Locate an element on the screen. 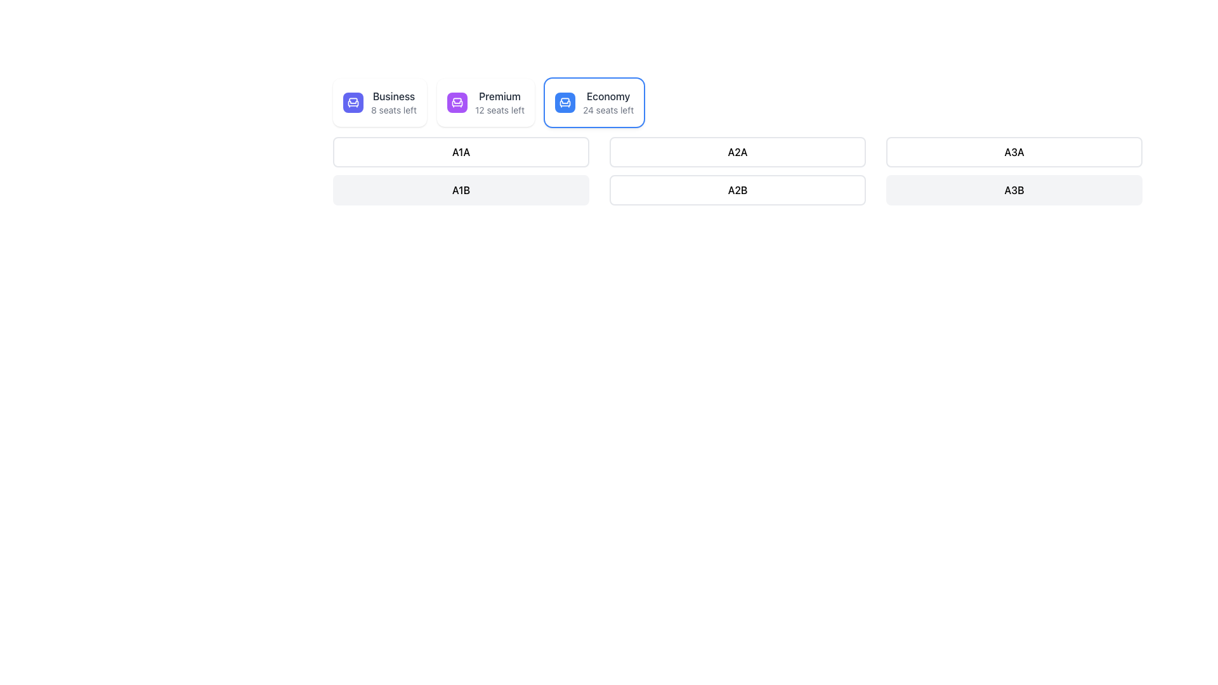 The width and height of the screenshot is (1218, 685). the Icon Button representing the 'Business' seating category, located in the top-left corner of the row of seat type options, above the label stating '8 seats left' is located at coordinates (353, 102).